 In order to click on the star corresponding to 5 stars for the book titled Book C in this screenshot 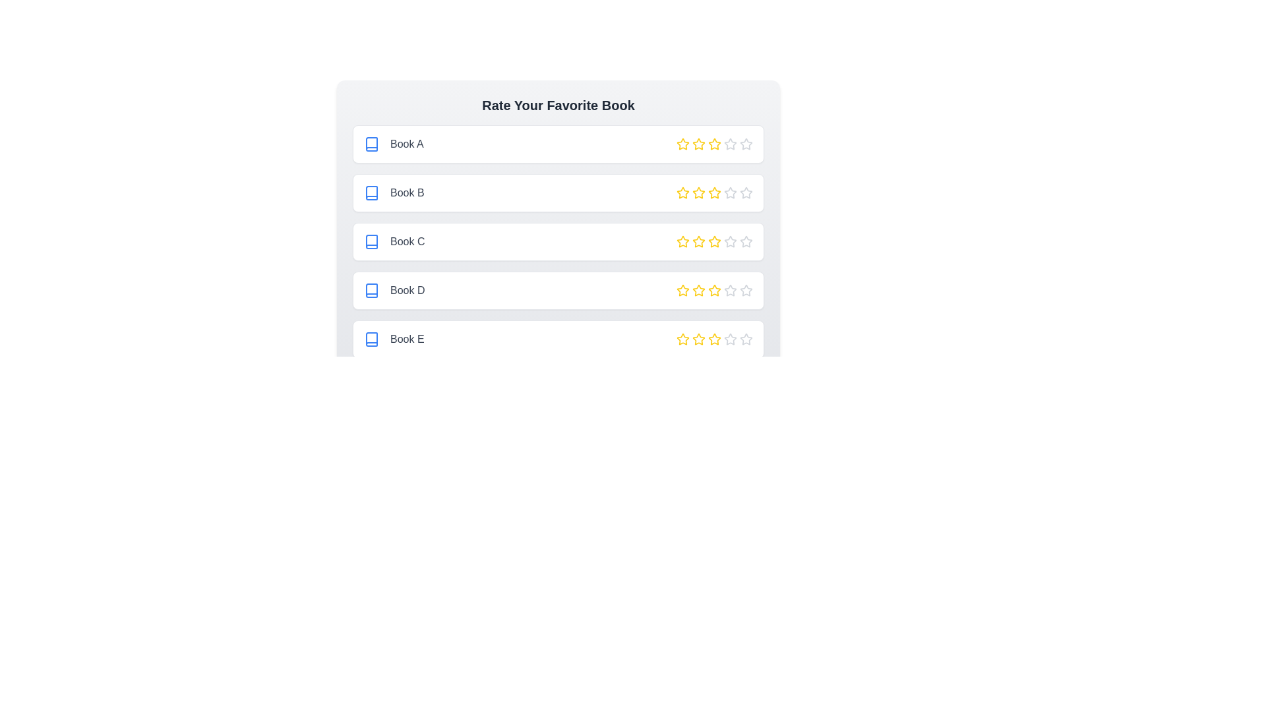, I will do `click(746, 241)`.